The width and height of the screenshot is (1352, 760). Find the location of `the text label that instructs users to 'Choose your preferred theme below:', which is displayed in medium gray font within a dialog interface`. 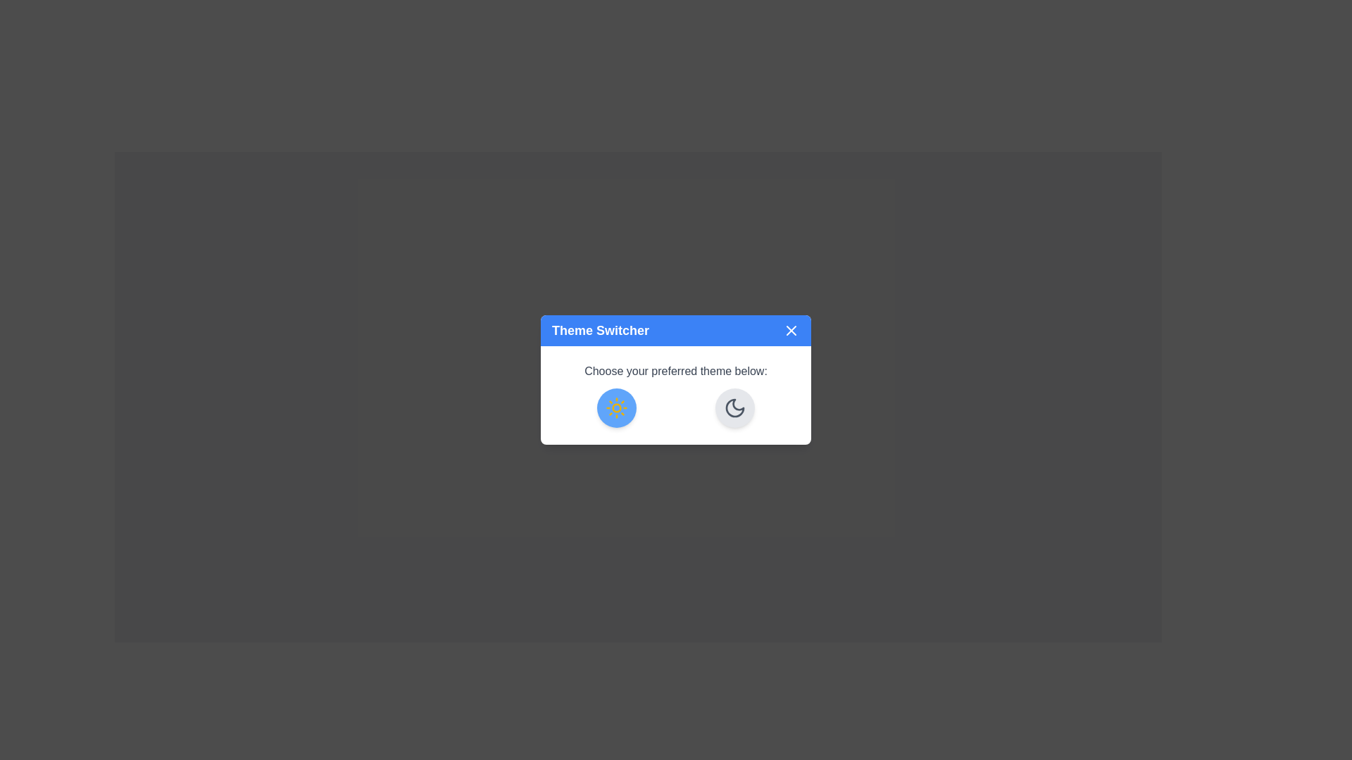

the text label that instructs users to 'Choose your preferred theme below:', which is displayed in medium gray font within a dialog interface is located at coordinates (676, 371).